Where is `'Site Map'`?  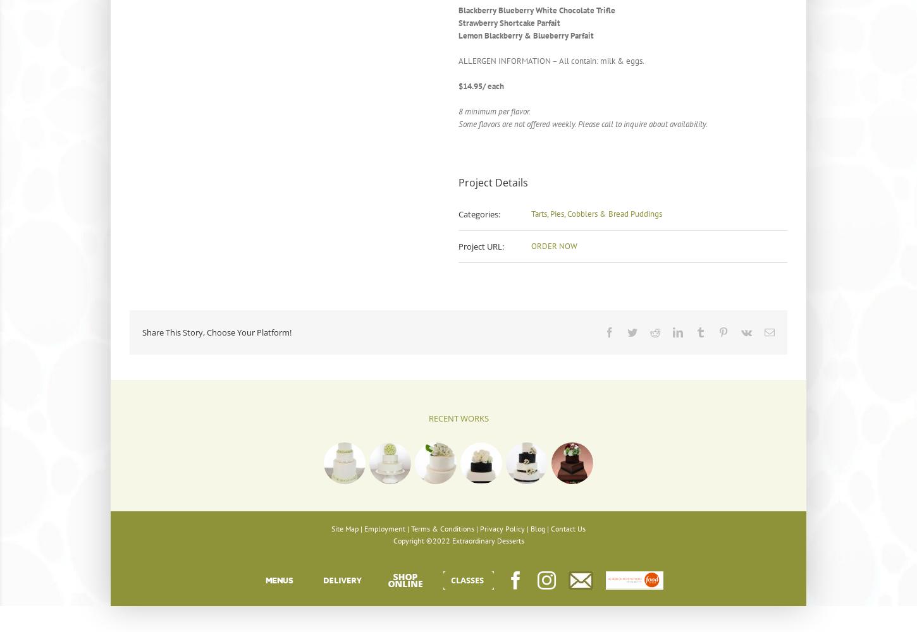
'Site Map' is located at coordinates (331, 528).